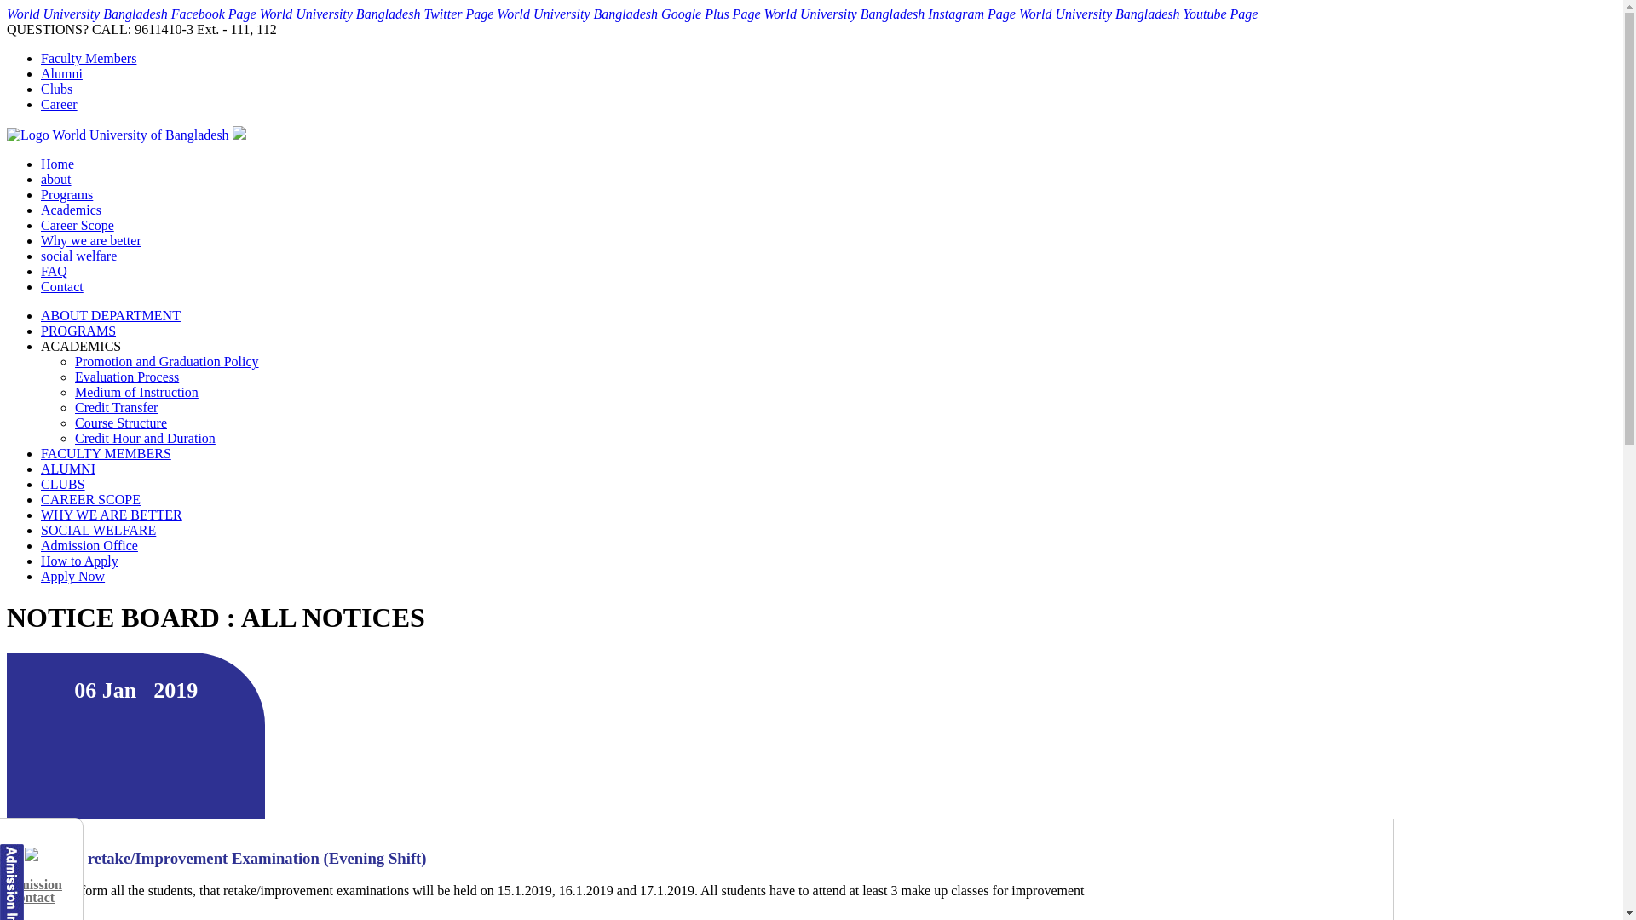 Image resolution: width=1636 pixels, height=920 pixels. What do you see at coordinates (62, 484) in the screenshot?
I see `'CLUBS'` at bounding box center [62, 484].